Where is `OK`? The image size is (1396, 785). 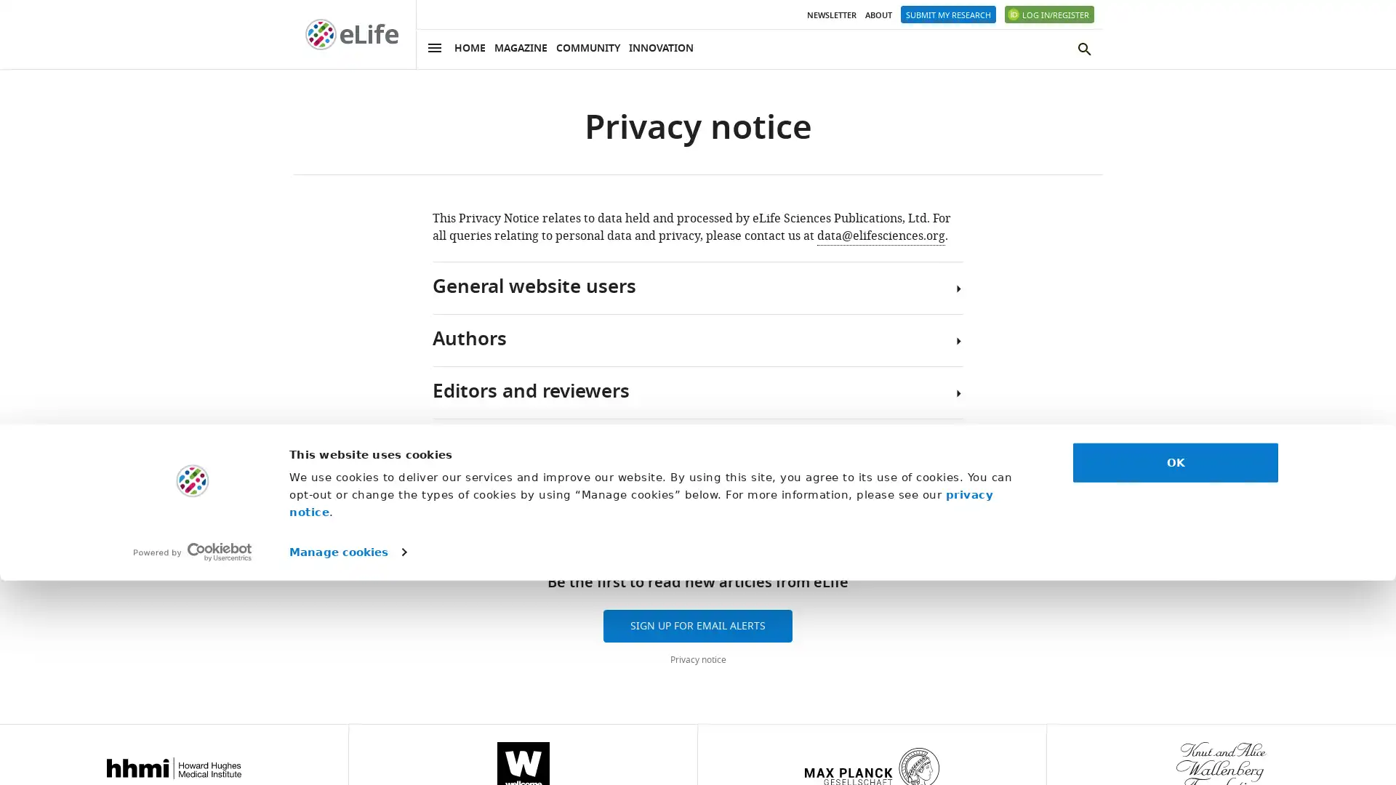 OK is located at coordinates (1176, 667).